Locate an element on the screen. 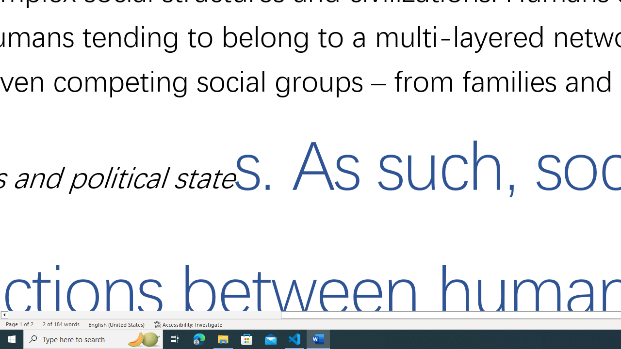 The height and width of the screenshot is (349, 621). 'Accessibility Checker Accessibility: Investigate' is located at coordinates (188, 324).